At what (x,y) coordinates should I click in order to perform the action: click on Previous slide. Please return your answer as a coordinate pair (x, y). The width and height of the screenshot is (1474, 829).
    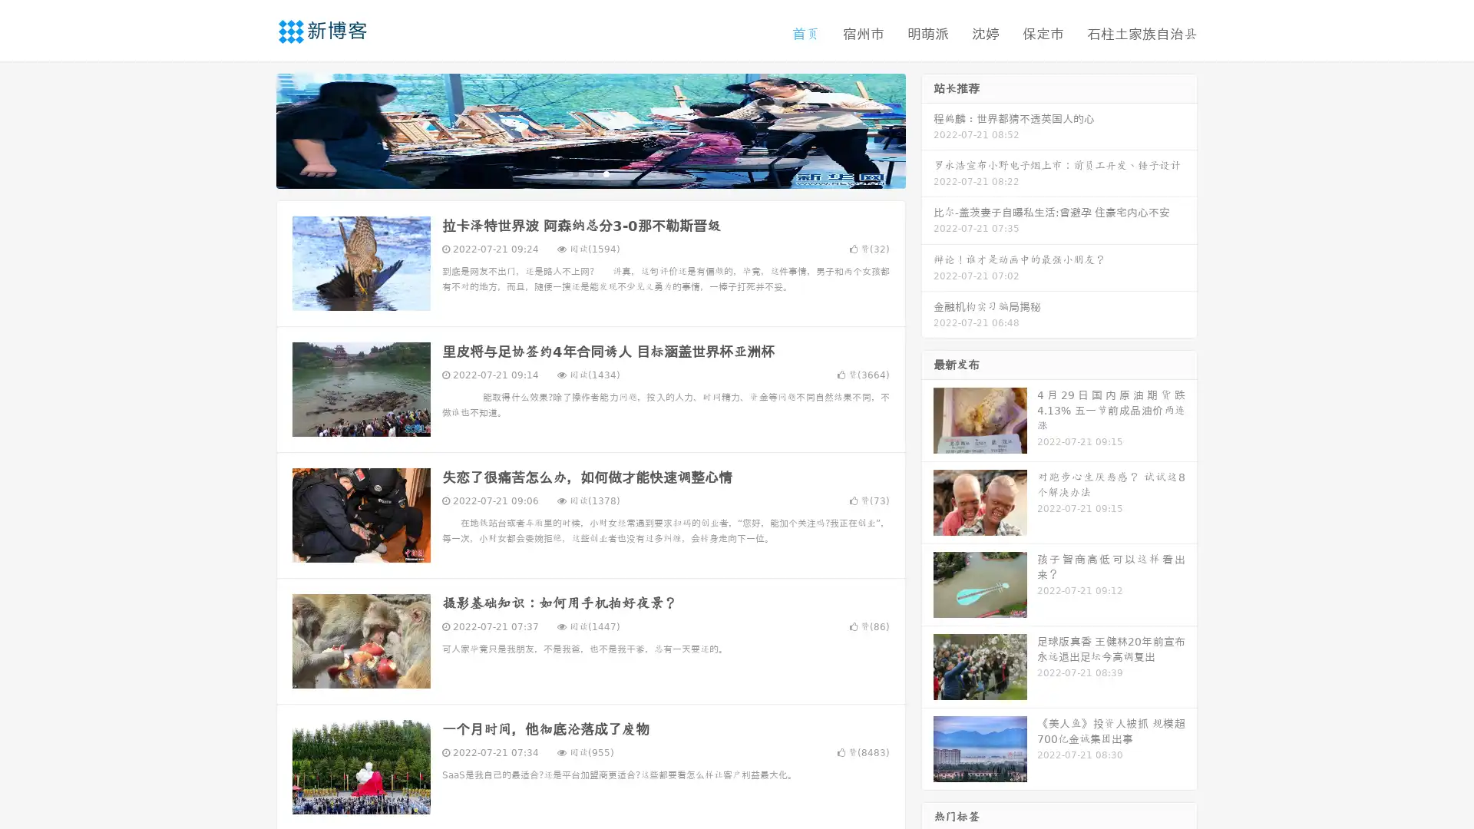
    Looking at the image, I should click on (253, 129).